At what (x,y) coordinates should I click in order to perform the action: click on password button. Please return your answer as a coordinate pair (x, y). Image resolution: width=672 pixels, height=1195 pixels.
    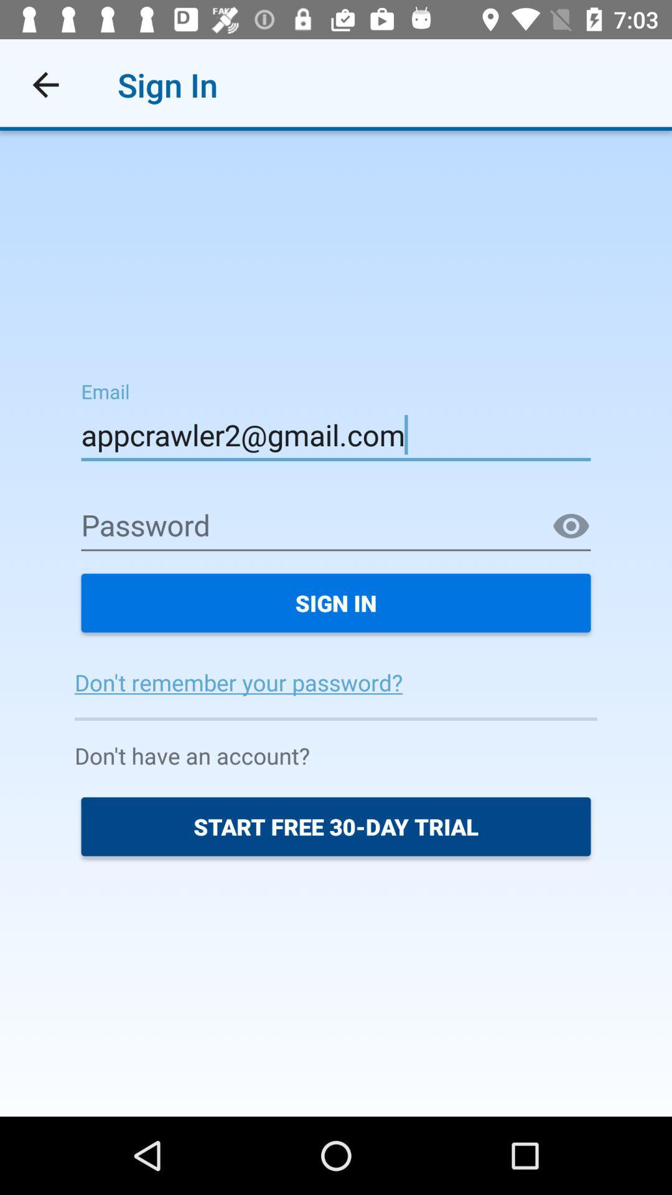
    Looking at the image, I should click on (571, 527).